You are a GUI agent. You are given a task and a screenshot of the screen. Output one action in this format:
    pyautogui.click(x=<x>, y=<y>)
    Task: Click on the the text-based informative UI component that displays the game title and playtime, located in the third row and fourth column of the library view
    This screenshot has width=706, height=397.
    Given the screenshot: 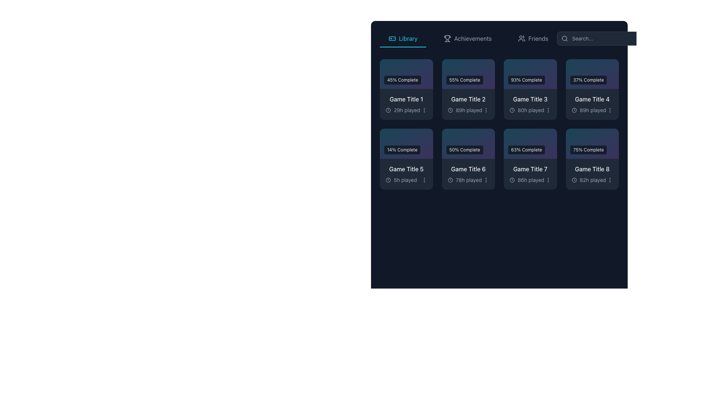 What is the action you would take?
    pyautogui.click(x=468, y=174)
    